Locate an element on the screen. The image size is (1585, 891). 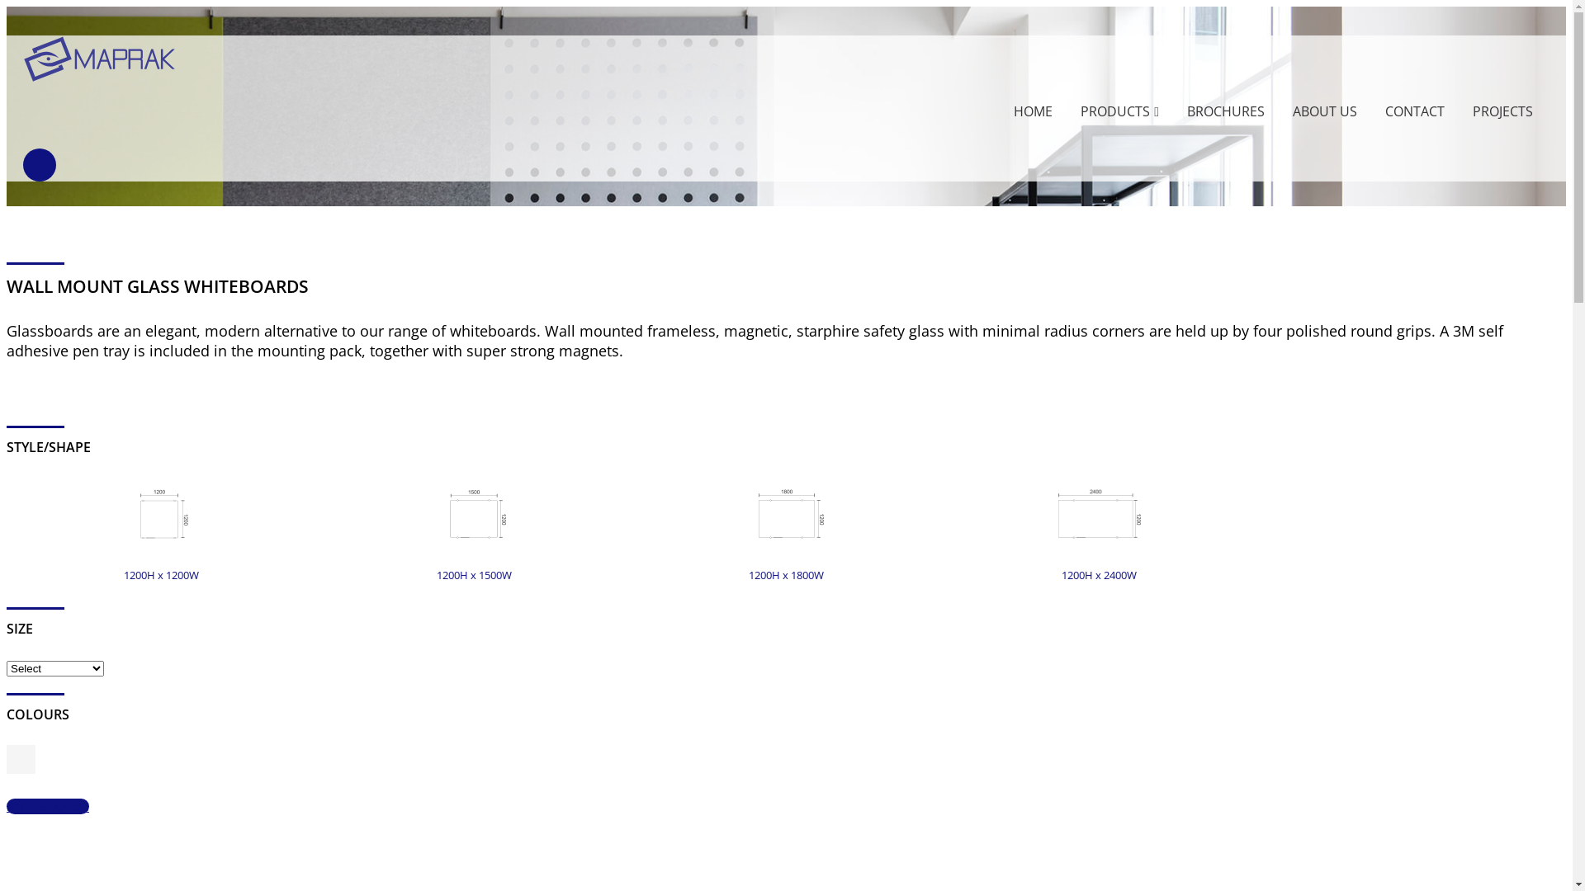
'Request Quote' is located at coordinates (47, 805).